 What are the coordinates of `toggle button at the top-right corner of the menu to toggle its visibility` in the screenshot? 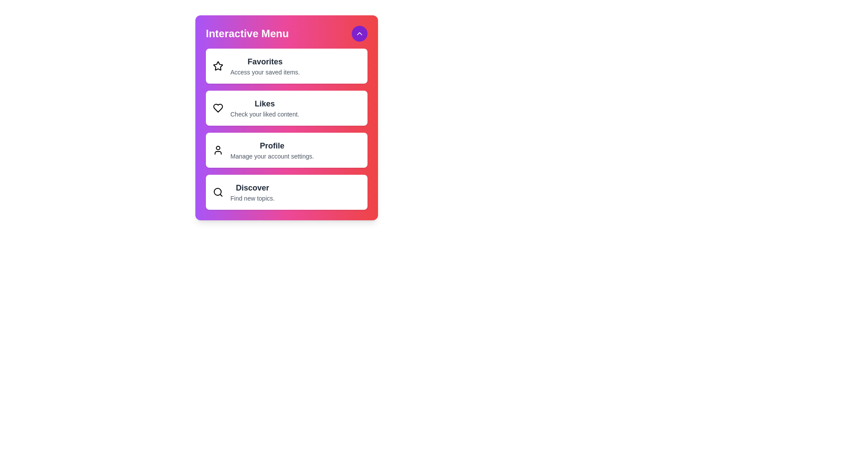 It's located at (359, 33).